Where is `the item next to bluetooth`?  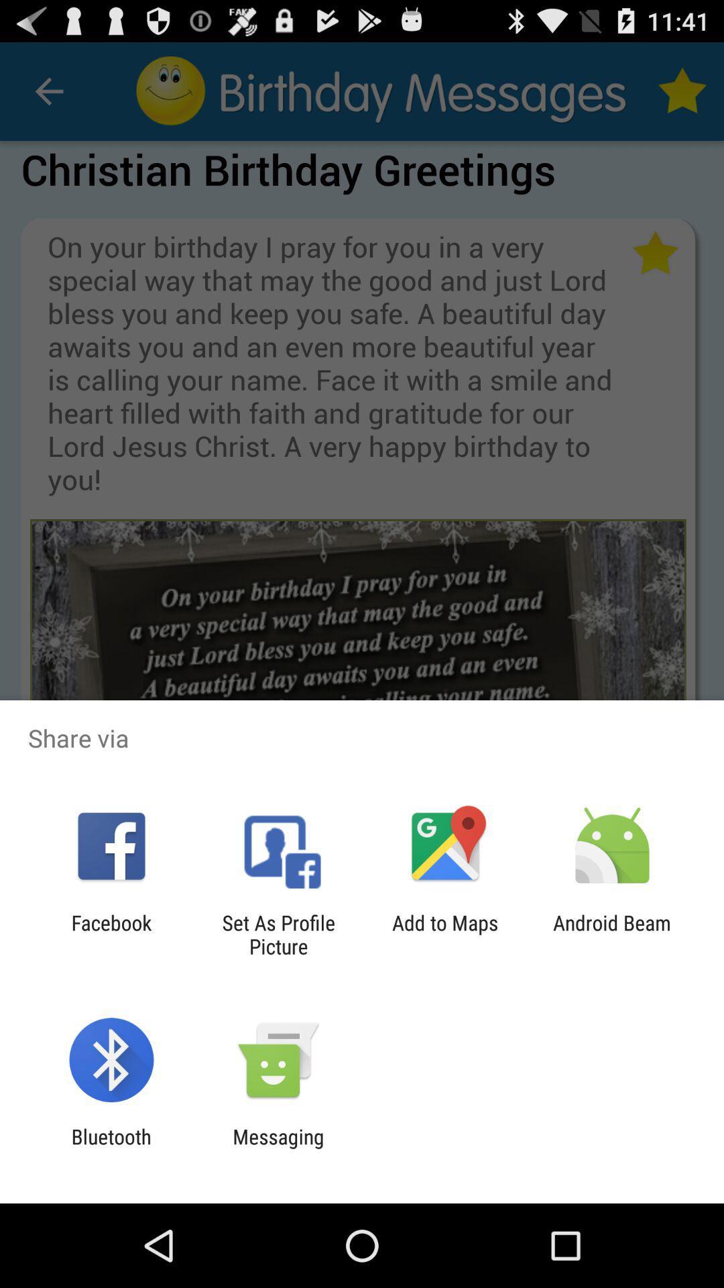
the item next to bluetooth is located at coordinates (278, 1148).